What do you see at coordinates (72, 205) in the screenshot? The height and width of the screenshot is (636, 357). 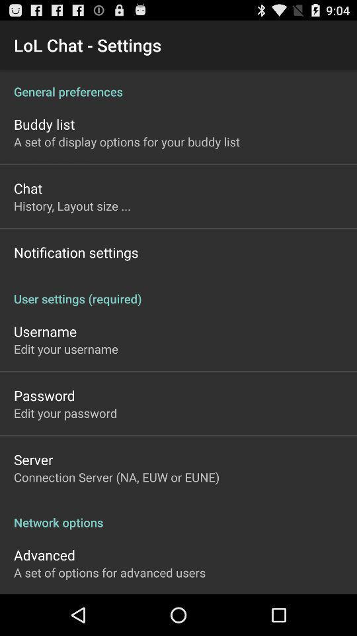 I see `the icon above notification settings icon` at bounding box center [72, 205].